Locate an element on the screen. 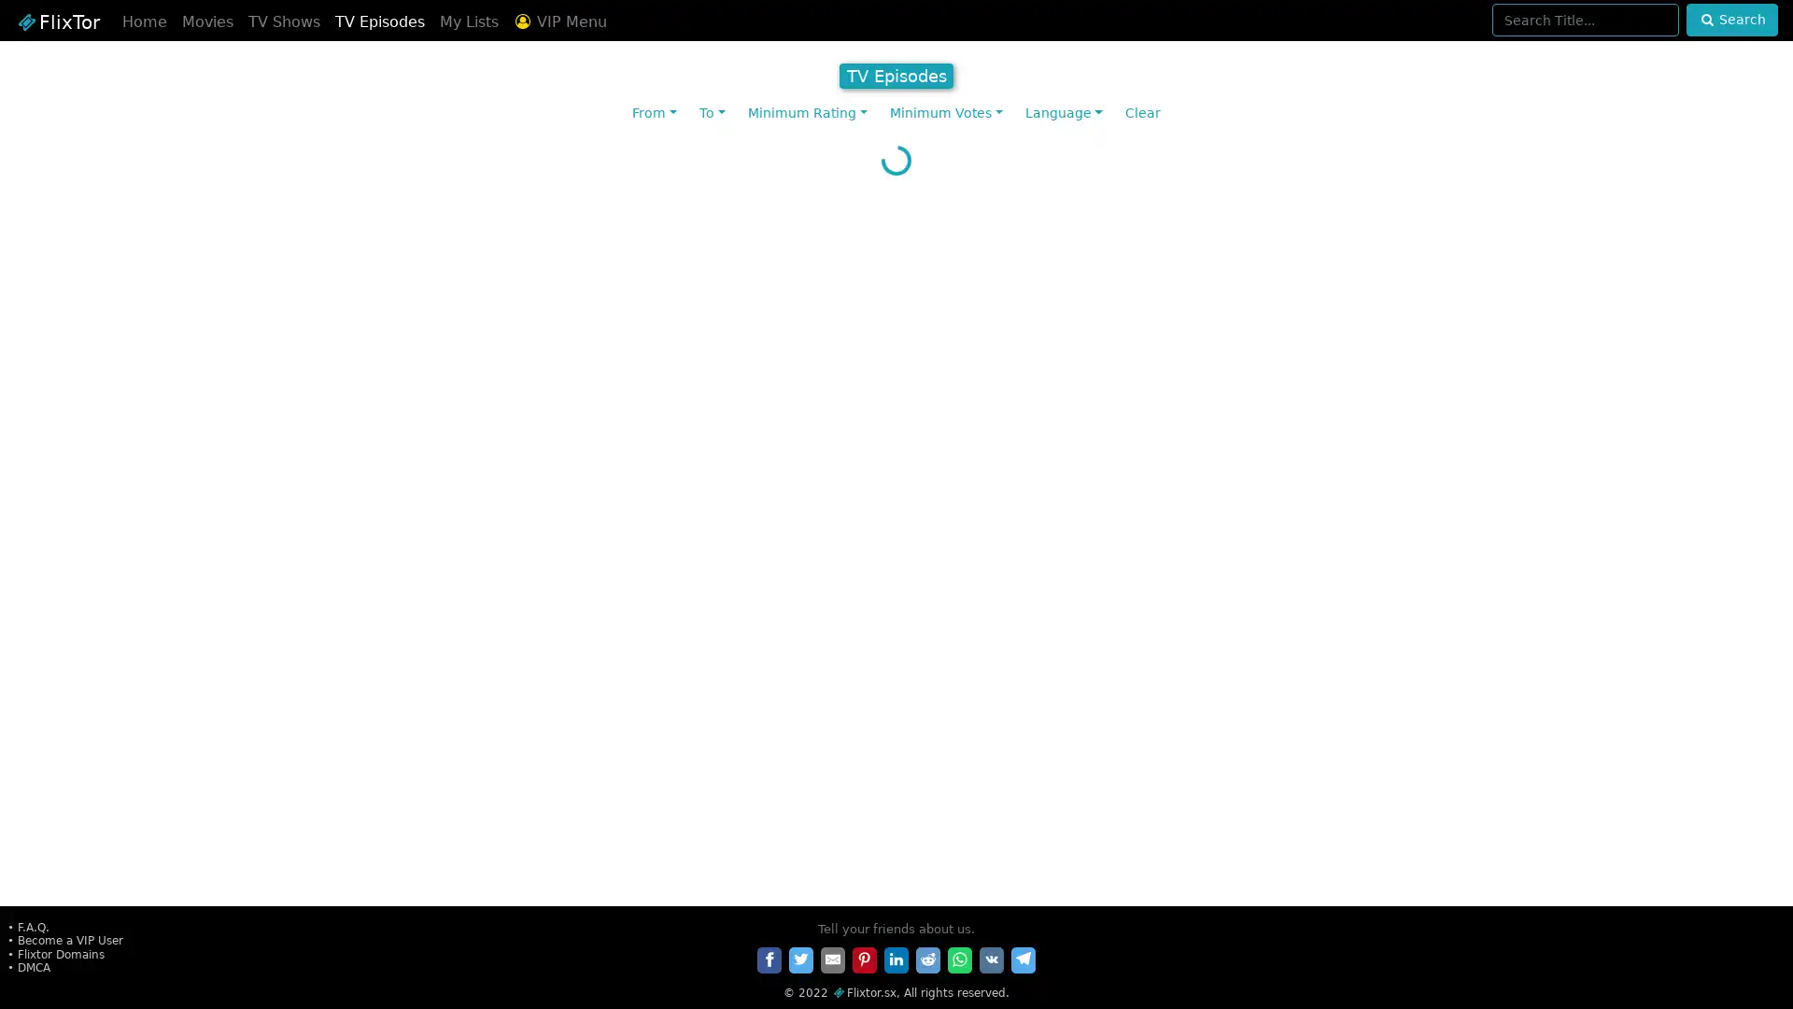  Watch Now is located at coordinates (1215, 645).